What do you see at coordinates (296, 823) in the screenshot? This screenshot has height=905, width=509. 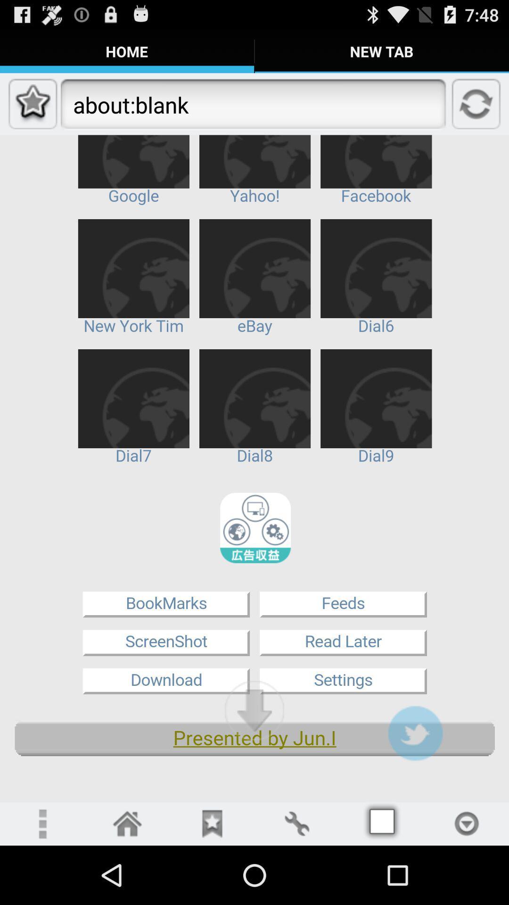 I see `setting` at bounding box center [296, 823].